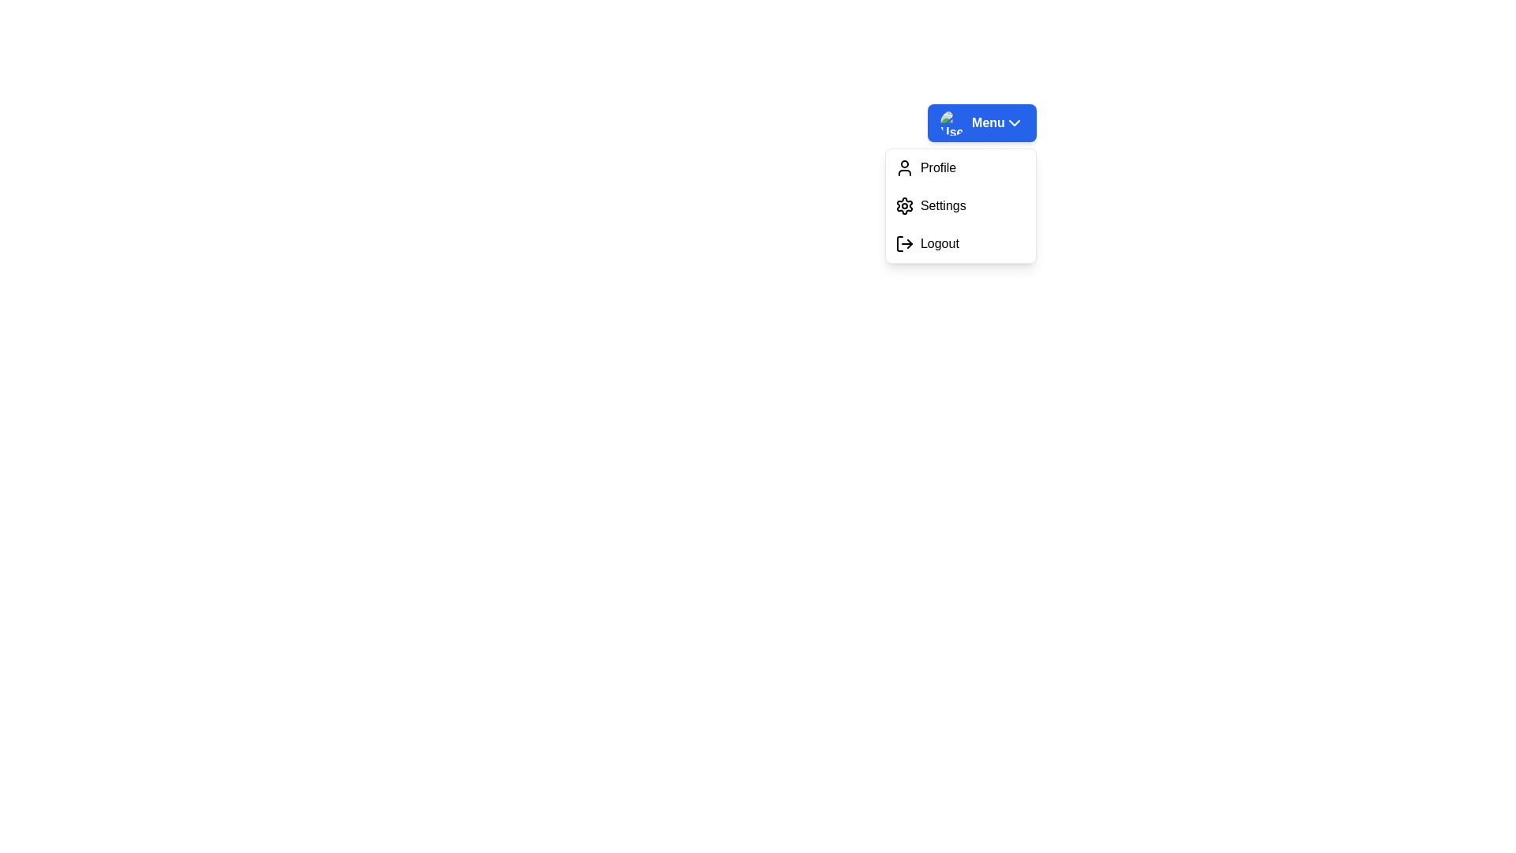 Image resolution: width=1516 pixels, height=853 pixels. I want to click on the 'Logout' option in the dropdown menu, so click(959, 243).